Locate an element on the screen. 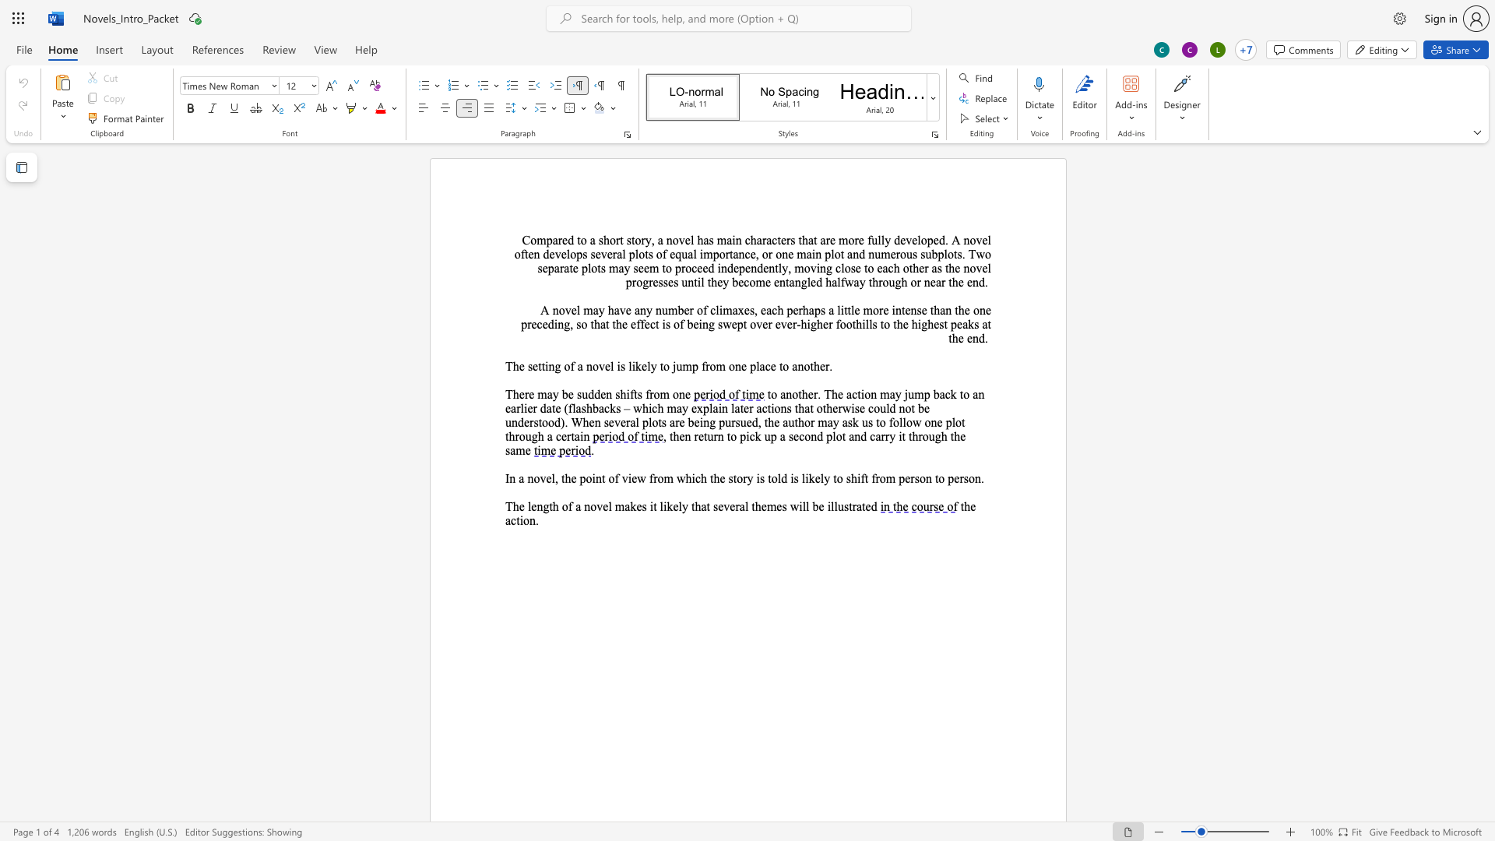 The width and height of the screenshot is (1495, 841). the space between the continuous character "h" and "i" in the text is located at coordinates (625, 393).